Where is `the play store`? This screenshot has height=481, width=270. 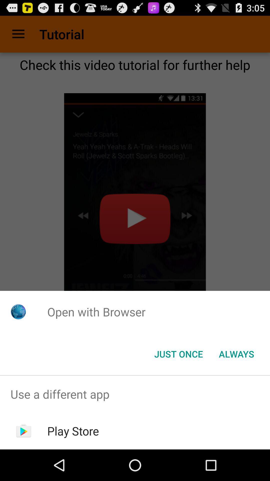
the play store is located at coordinates (73, 431).